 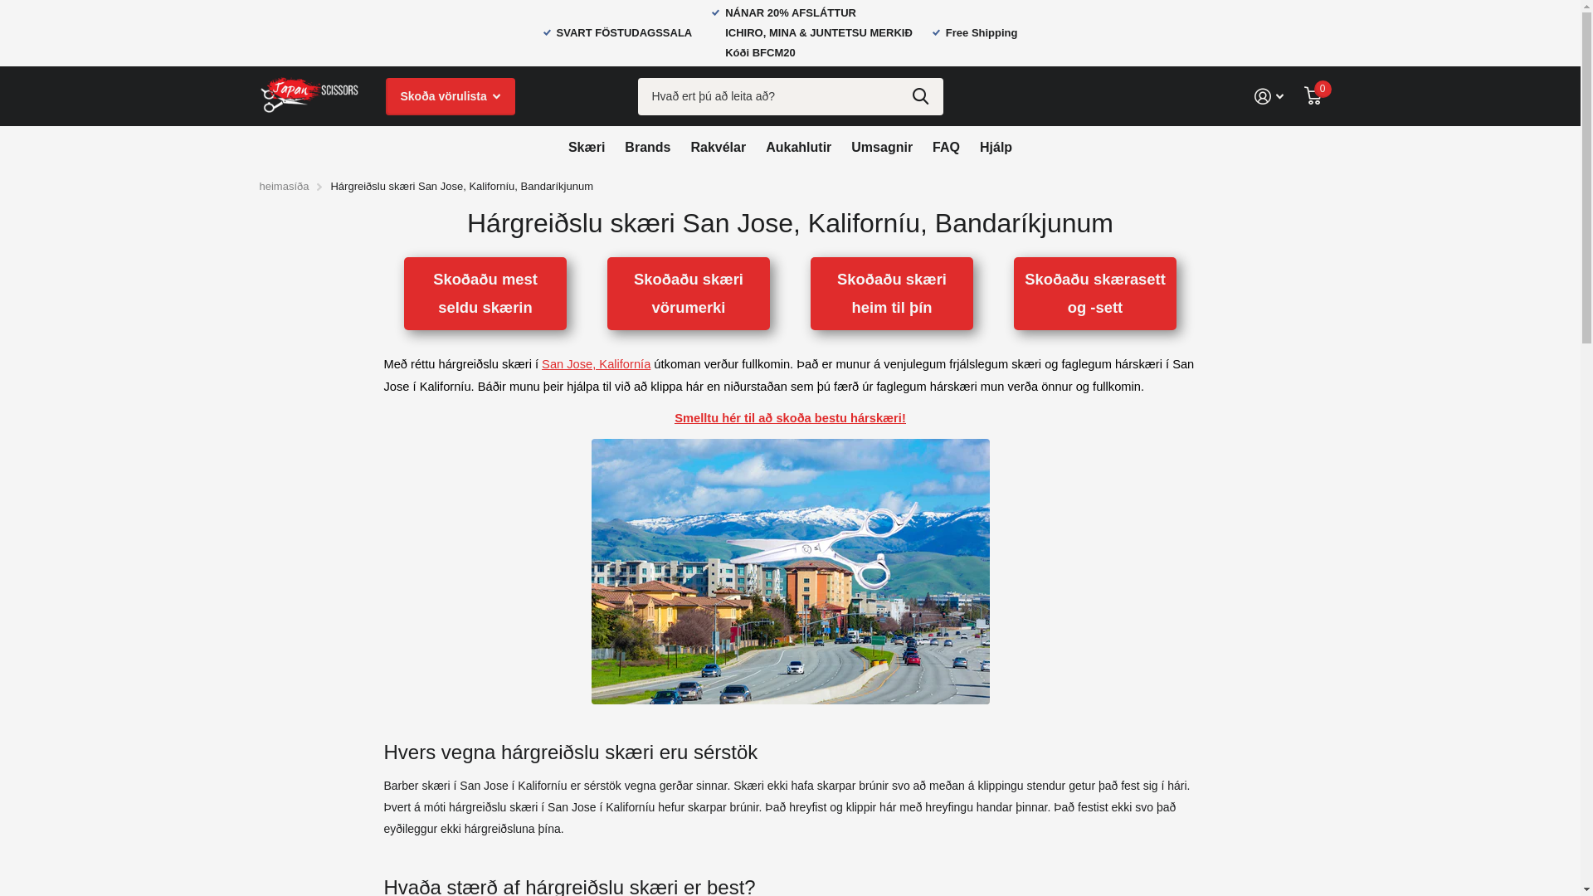 I want to click on 'Umsagnir', so click(x=880, y=146).